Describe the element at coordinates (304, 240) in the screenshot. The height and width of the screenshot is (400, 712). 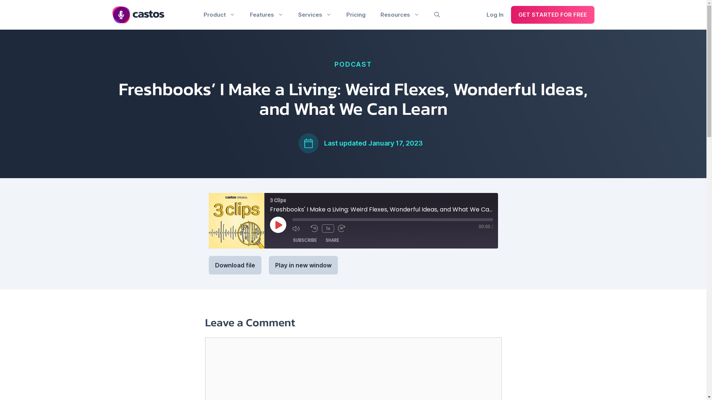
I see `'SUBSCRIBE'` at that location.